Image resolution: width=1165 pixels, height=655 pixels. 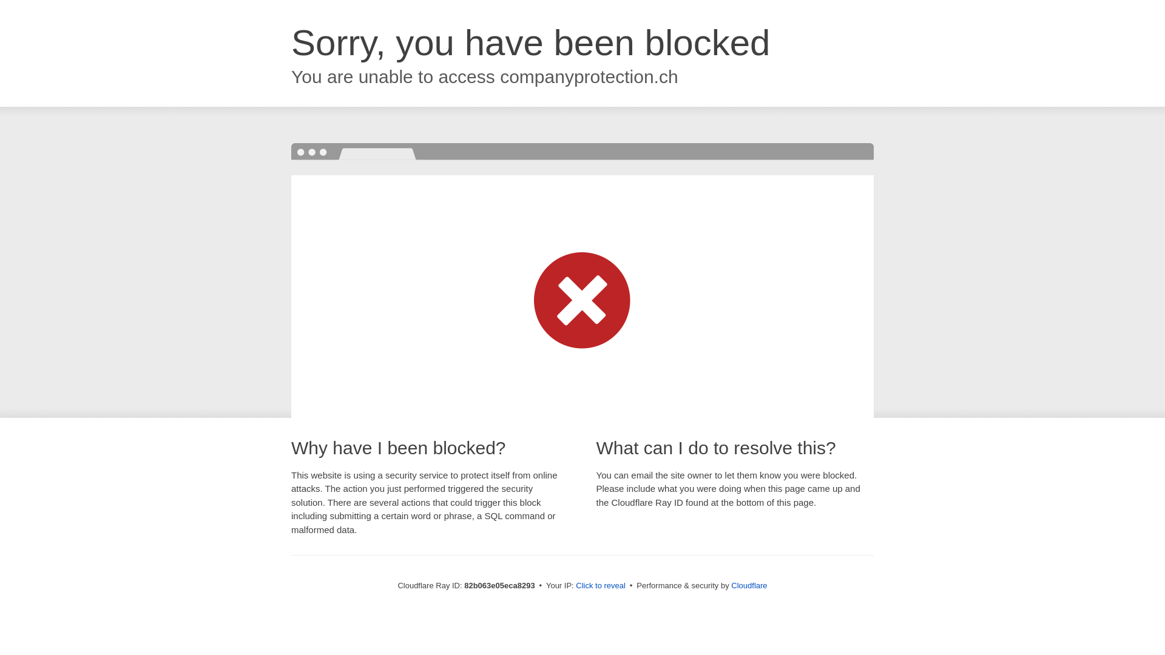 I want to click on 'Cloudflare', so click(x=748, y=585).